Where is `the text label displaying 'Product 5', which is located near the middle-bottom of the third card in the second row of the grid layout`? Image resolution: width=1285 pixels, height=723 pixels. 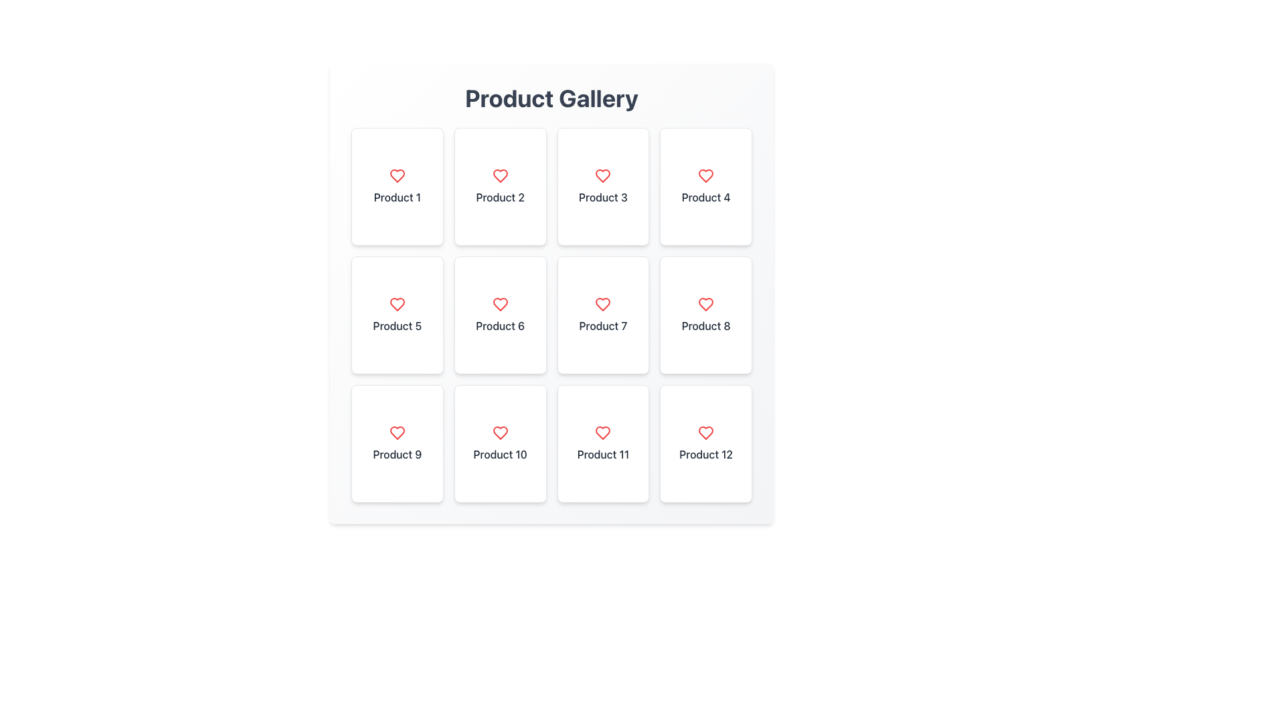 the text label displaying 'Product 5', which is located near the middle-bottom of the third card in the second row of the grid layout is located at coordinates (396, 325).